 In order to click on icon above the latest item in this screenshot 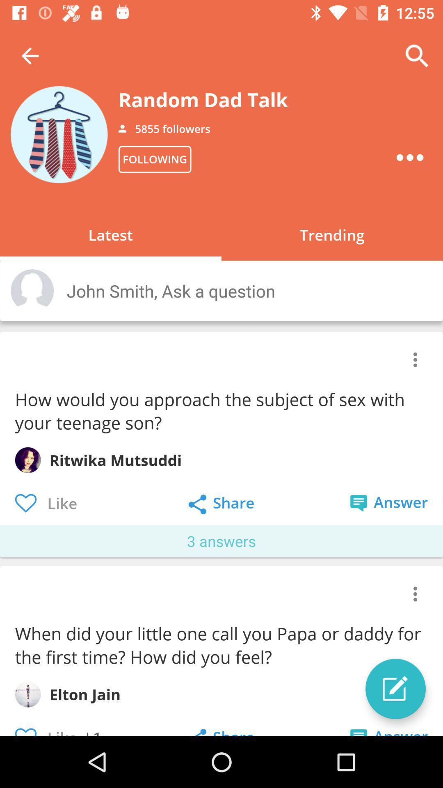, I will do `click(155, 159)`.